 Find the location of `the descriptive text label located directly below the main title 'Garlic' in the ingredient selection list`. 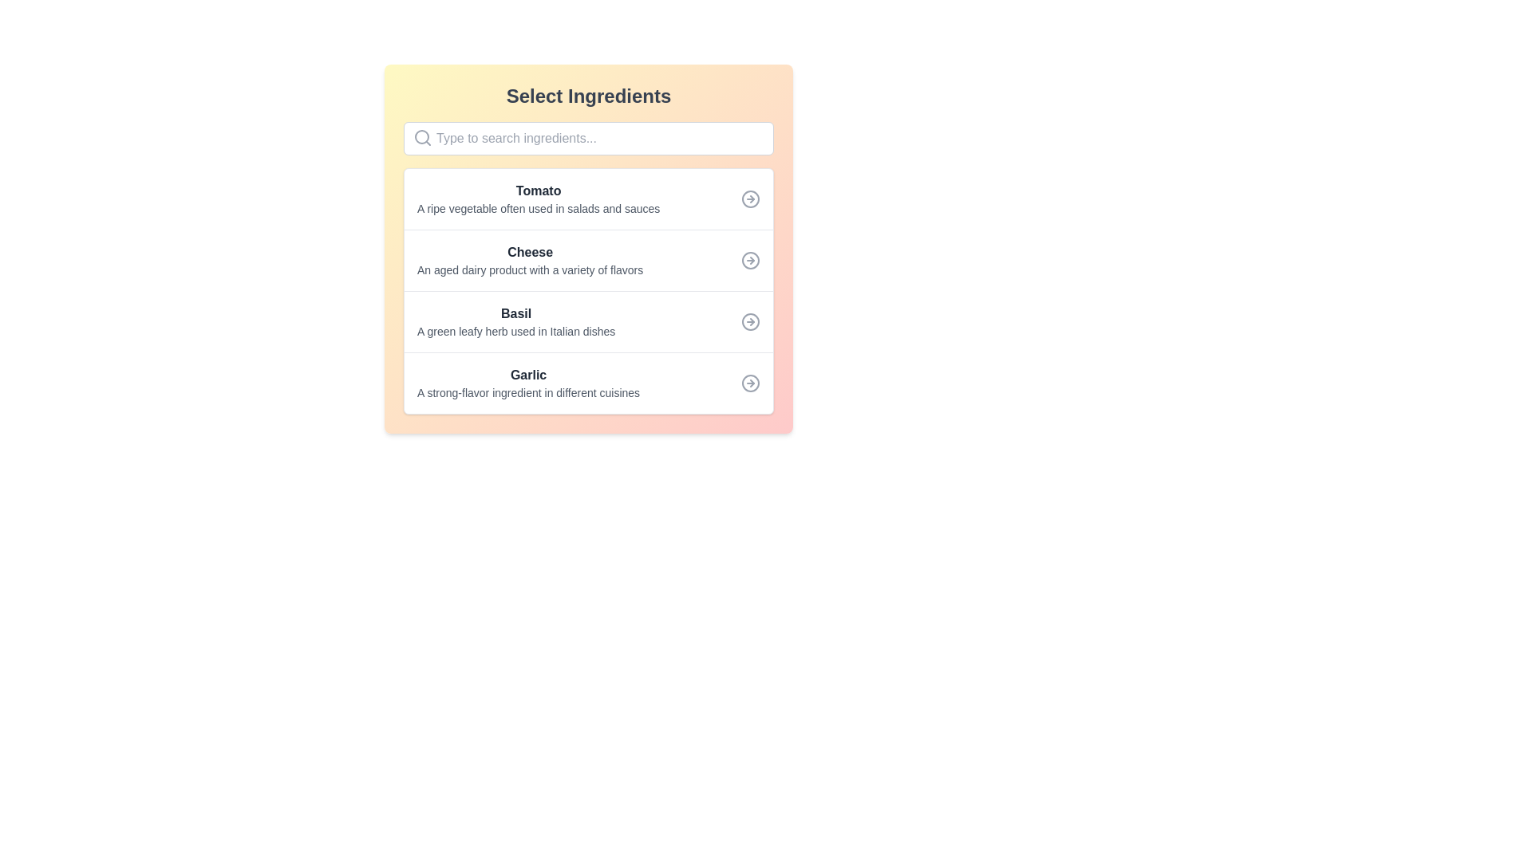

the descriptive text label located directly below the main title 'Garlic' in the ingredient selection list is located at coordinates (528, 393).